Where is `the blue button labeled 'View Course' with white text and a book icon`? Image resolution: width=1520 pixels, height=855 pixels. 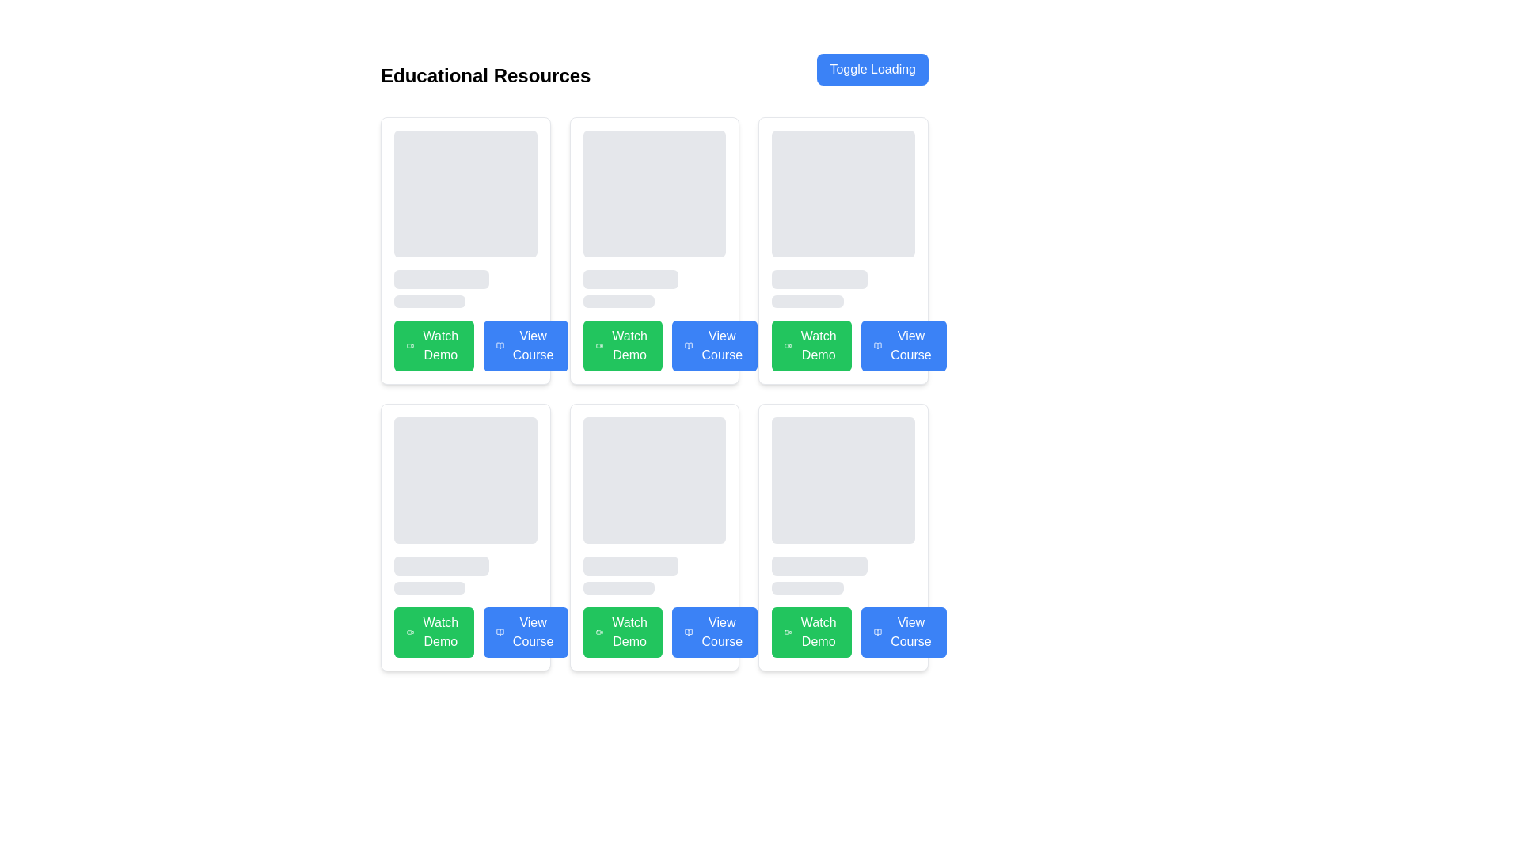 the blue button labeled 'View Course' with white text and a book icon is located at coordinates (526, 344).